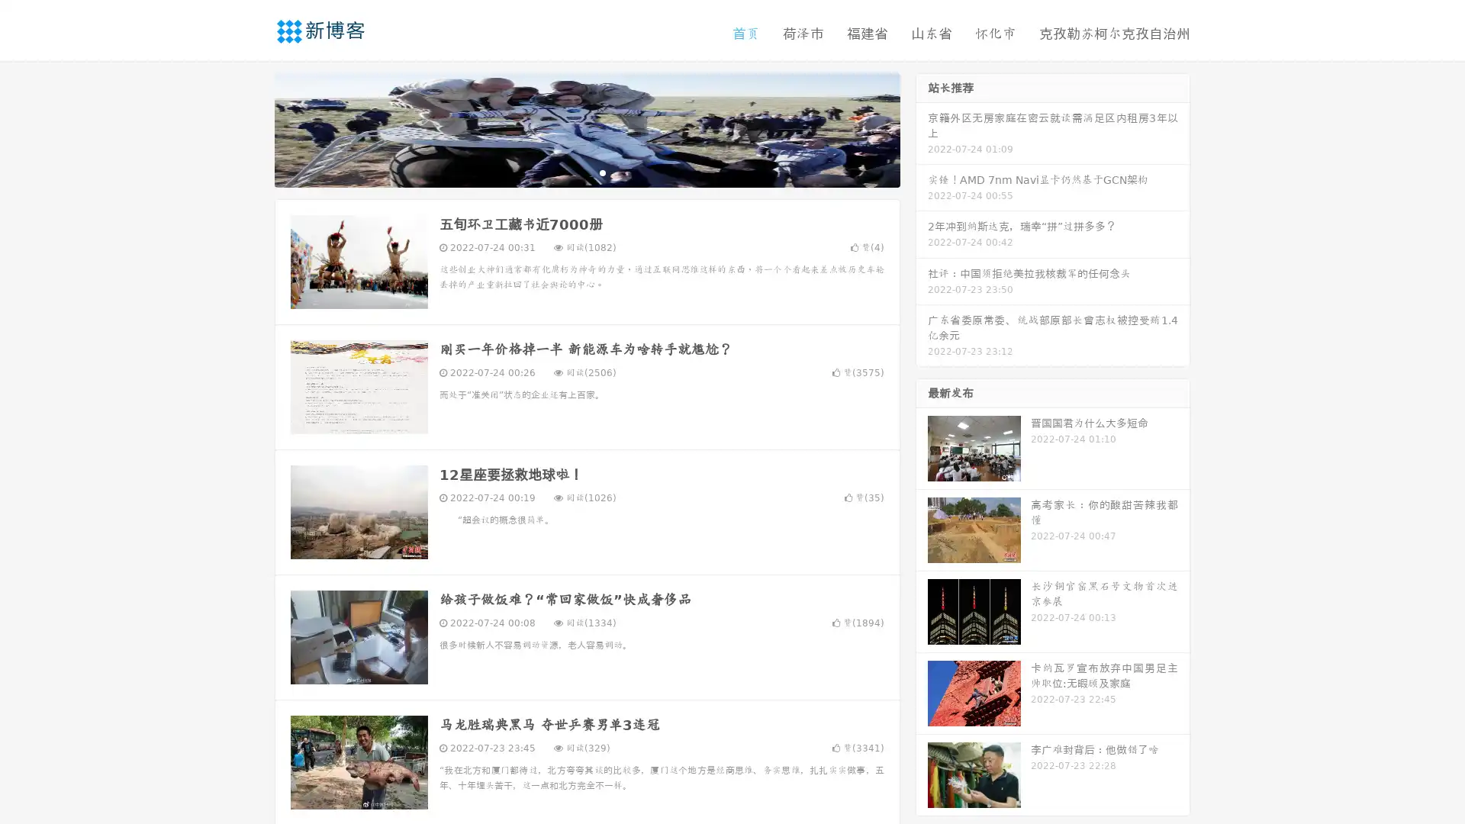 The width and height of the screenshot is (1465, 824). I want to click on Go to slide 2, so click(586, 172).